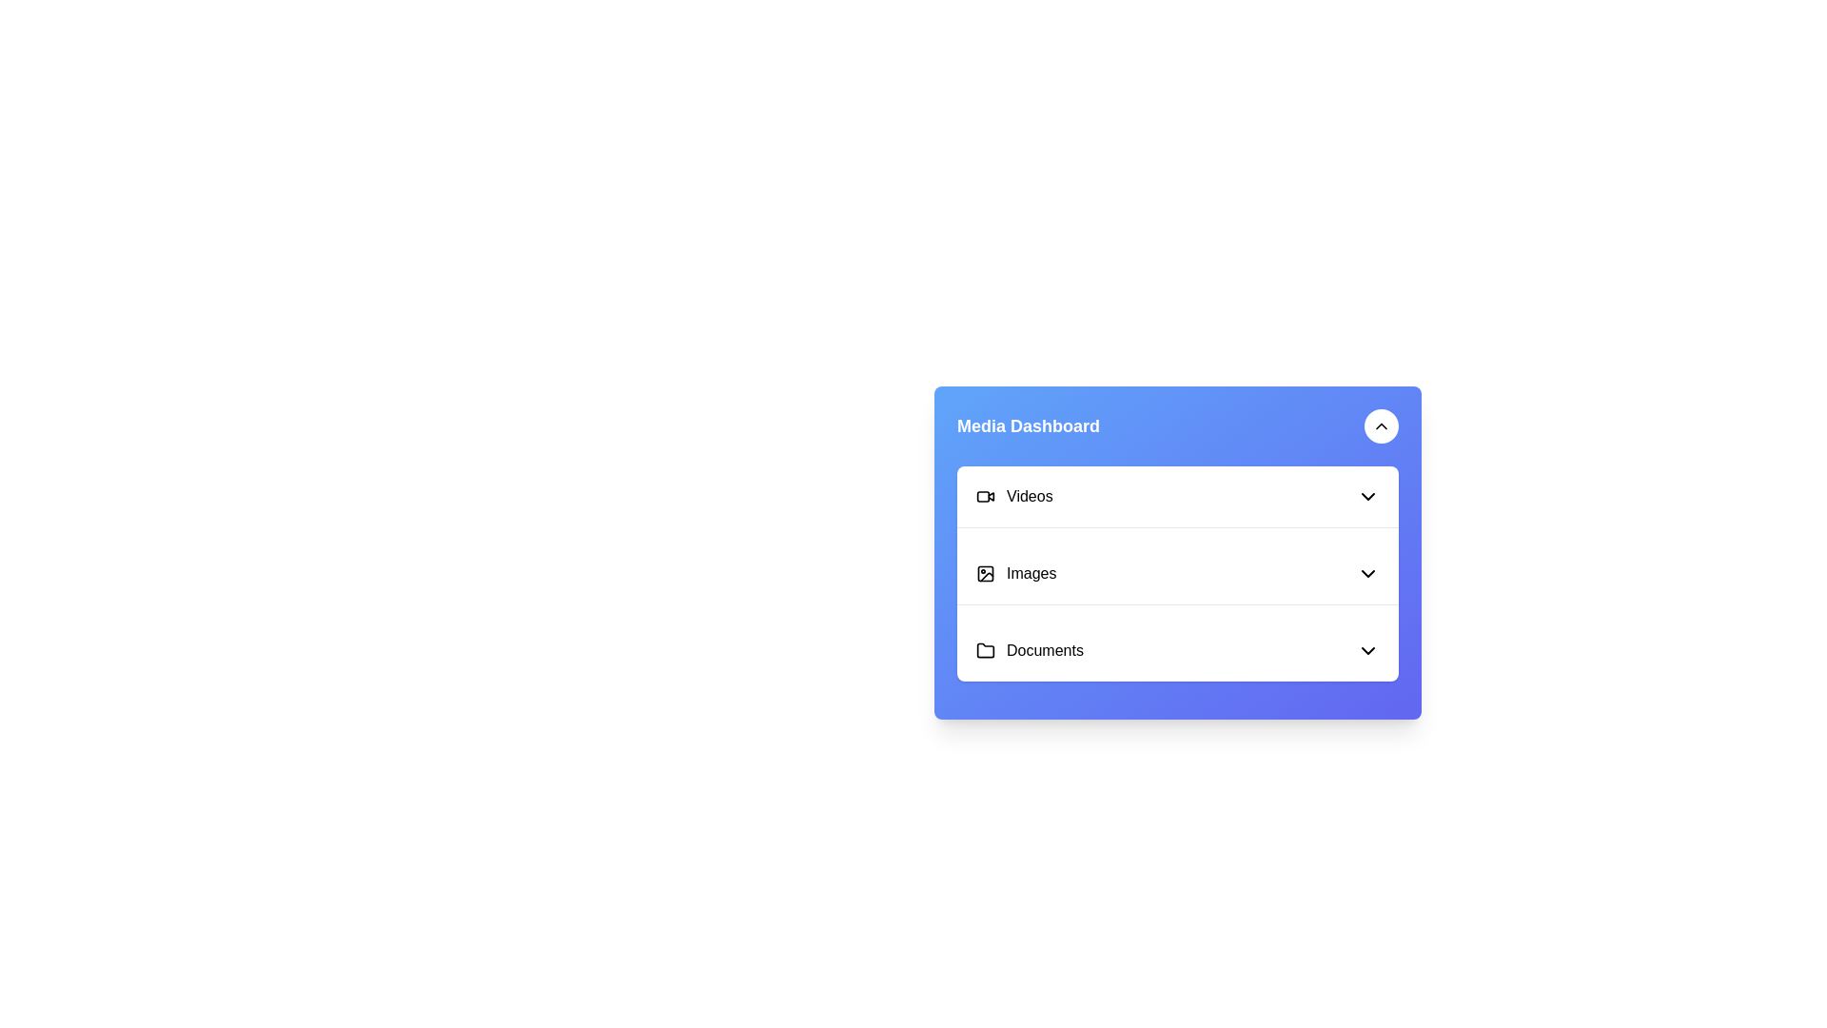 The image size is (1827, 1028). Describe the element at coordinates (986, 495) in the screenshot. I see `the decorative icon that represents the 'Videos' category in the media dashboard, which is located to the left of the text 'Videos'` at that location.